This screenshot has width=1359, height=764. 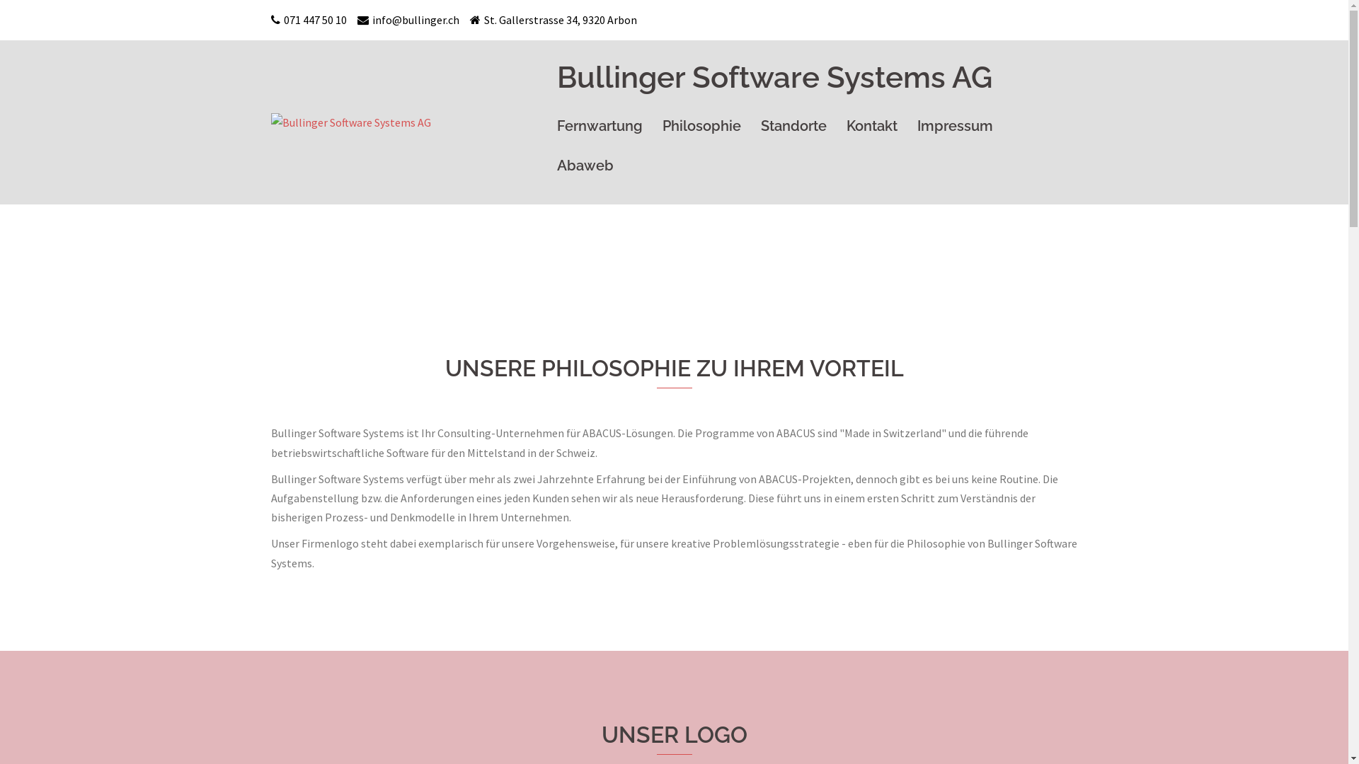 What do you see at coordinates (793, 131) in the screenshot?
I see `'Standorte'` at bounding box center [793, 131].